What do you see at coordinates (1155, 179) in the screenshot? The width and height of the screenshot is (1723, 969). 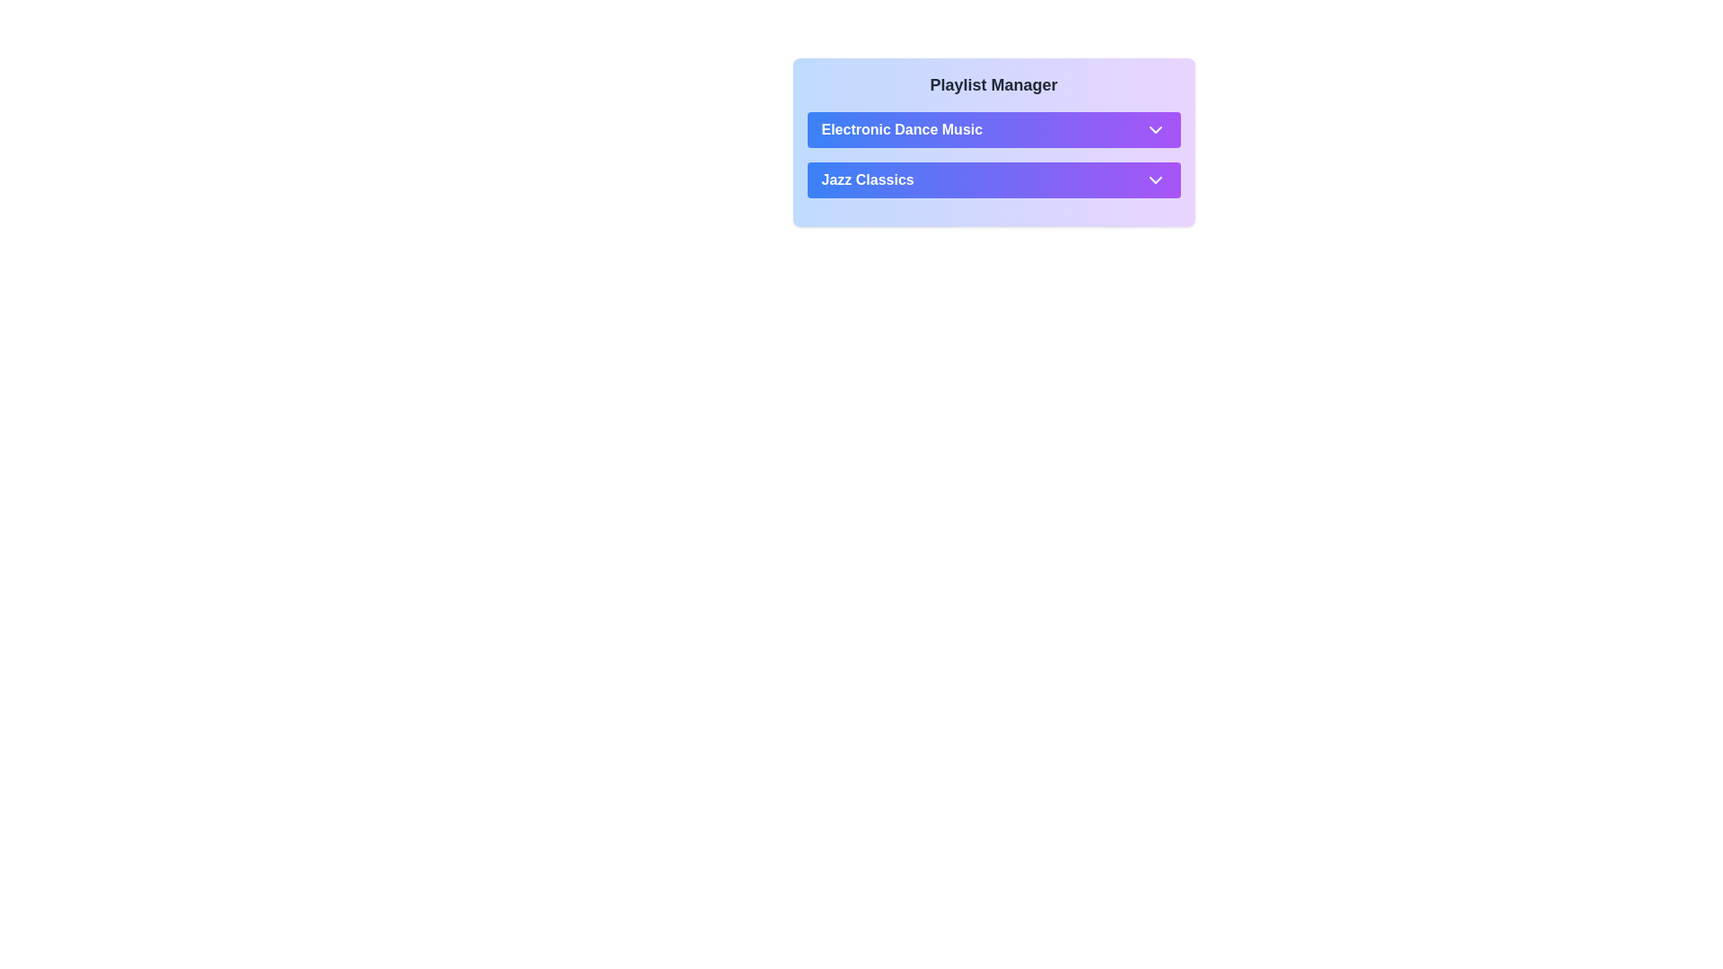 I see `the downward-pointing chevron icon, which is the dropdown indicator for the 'Jazz Classics' playlist` at bounding box center [1155, 179].